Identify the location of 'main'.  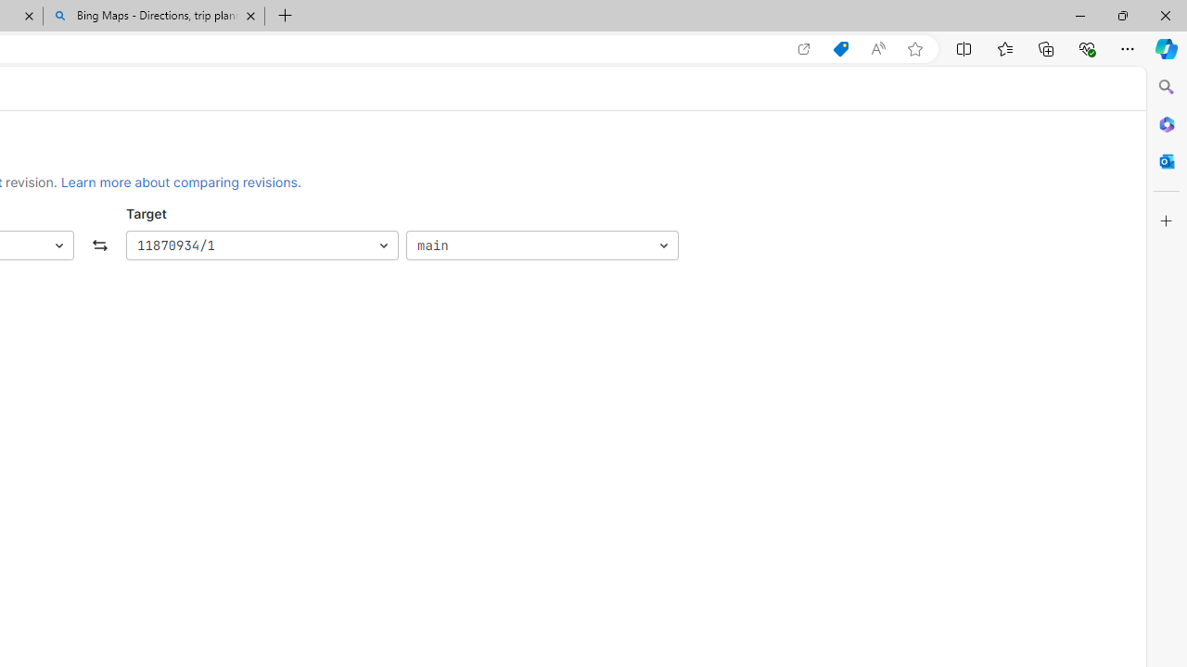
(541, 245).